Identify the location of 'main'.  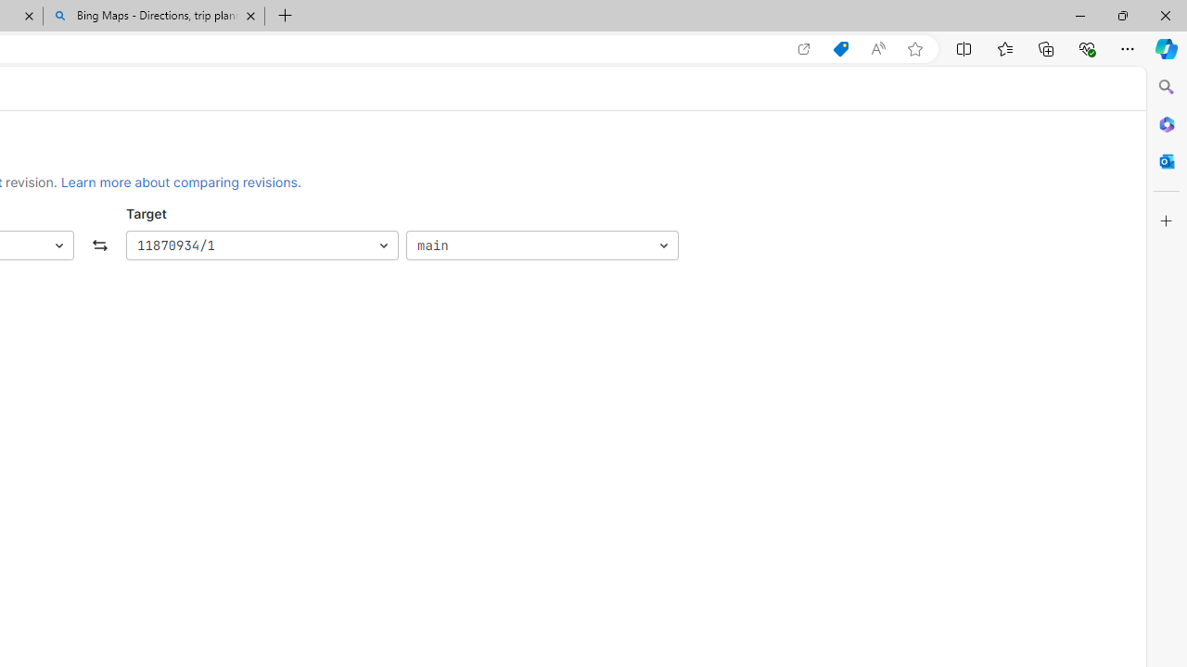
(541, 245).